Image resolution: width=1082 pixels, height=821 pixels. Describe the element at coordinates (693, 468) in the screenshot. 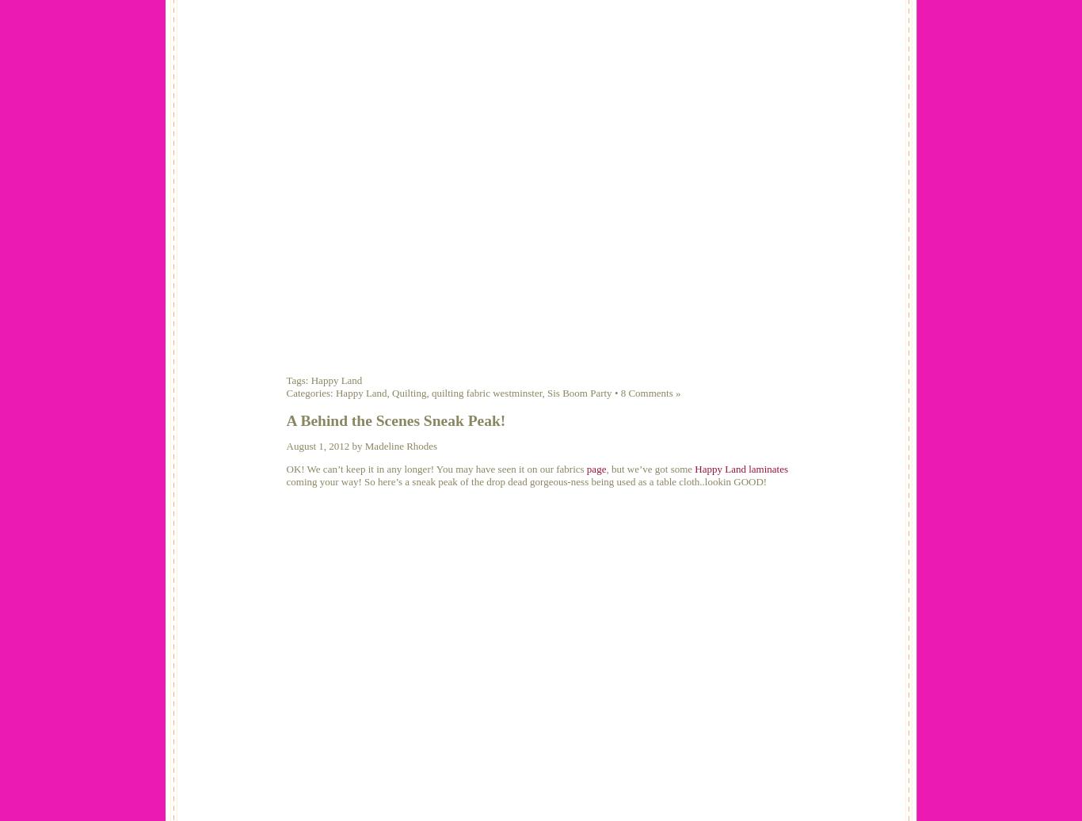

I see `'Happy Land laminates'` at that location.